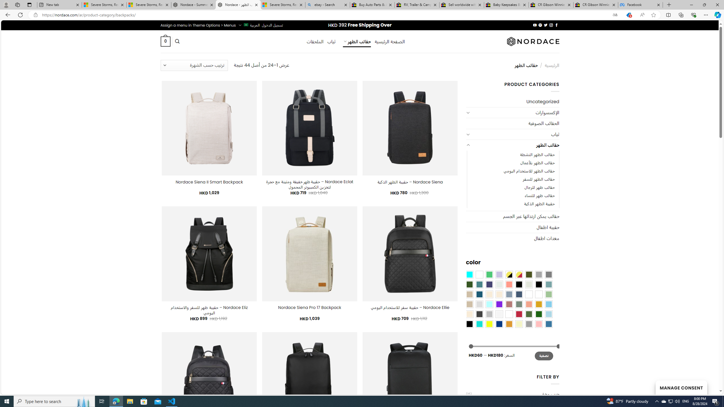 The height and width of the screenshot is (407, 724). What do you see at coordinates (462, 5) in the screenshot?
I see `'Sell worldwide with eBay'` at bounding box center [462, 5].